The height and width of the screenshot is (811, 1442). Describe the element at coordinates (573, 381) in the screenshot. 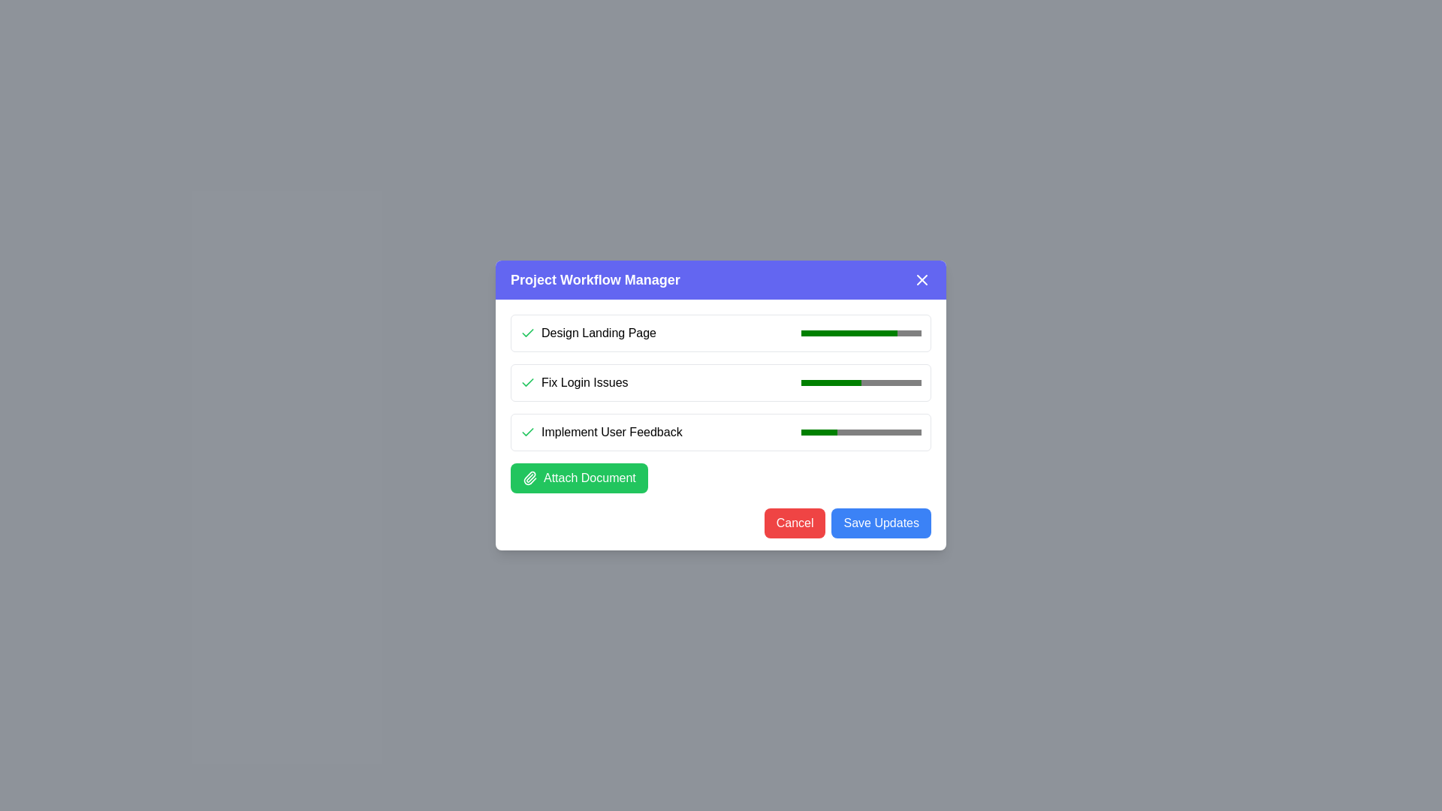

I see `text content of the 'Fix Login Issues' label, which is styled in a clear sans-serif font and has a green check mark icon next to it, positioned between 'Design Landing Page' and 'Implement User Feedback'` at that location.